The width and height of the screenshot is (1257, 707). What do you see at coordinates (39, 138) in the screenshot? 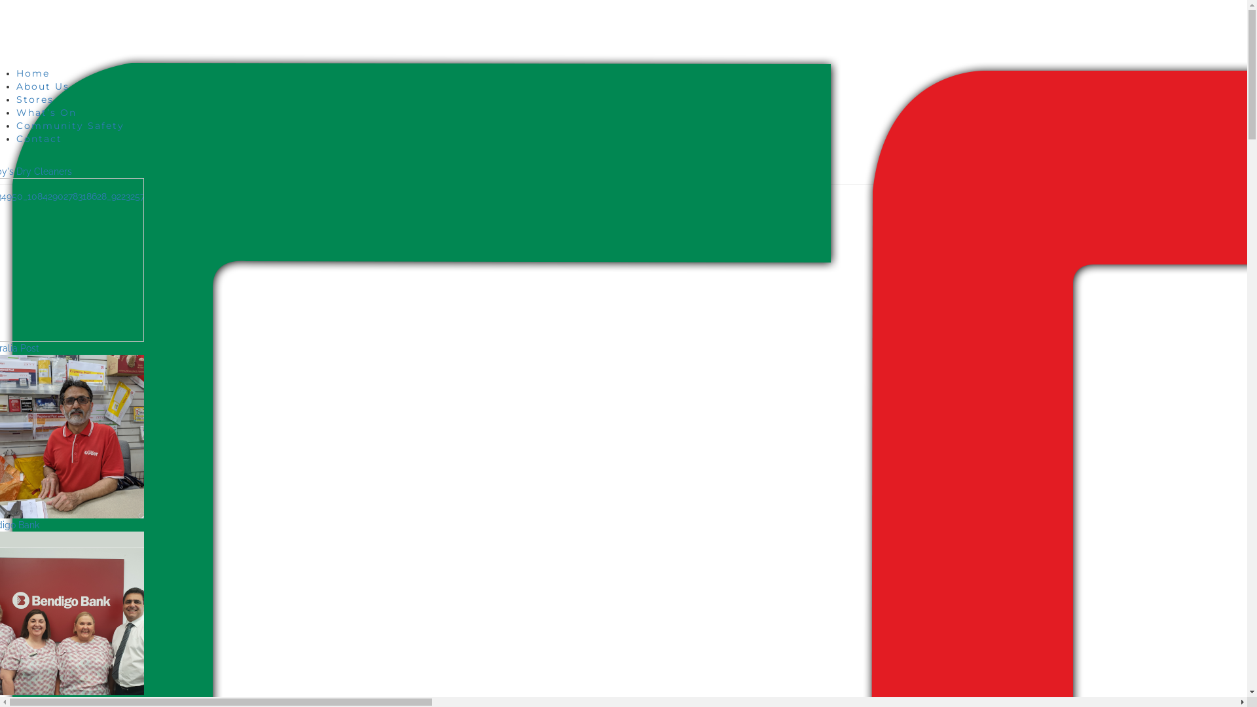
I see `'Contact'` at bounding box center [39, 138].